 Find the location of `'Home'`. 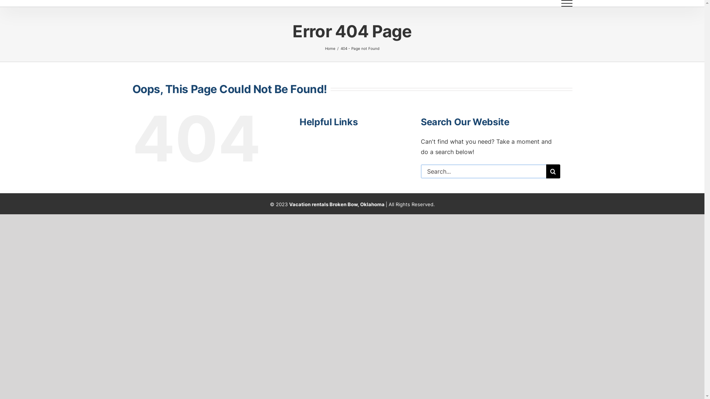

'Home' is located at coordinates (329, 48).